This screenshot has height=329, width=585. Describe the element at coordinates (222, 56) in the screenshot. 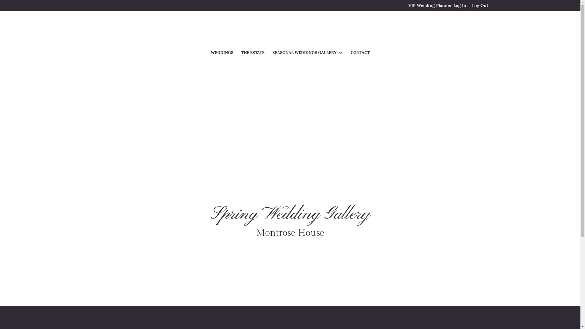

I see `'WEDDINGS'` at that location.